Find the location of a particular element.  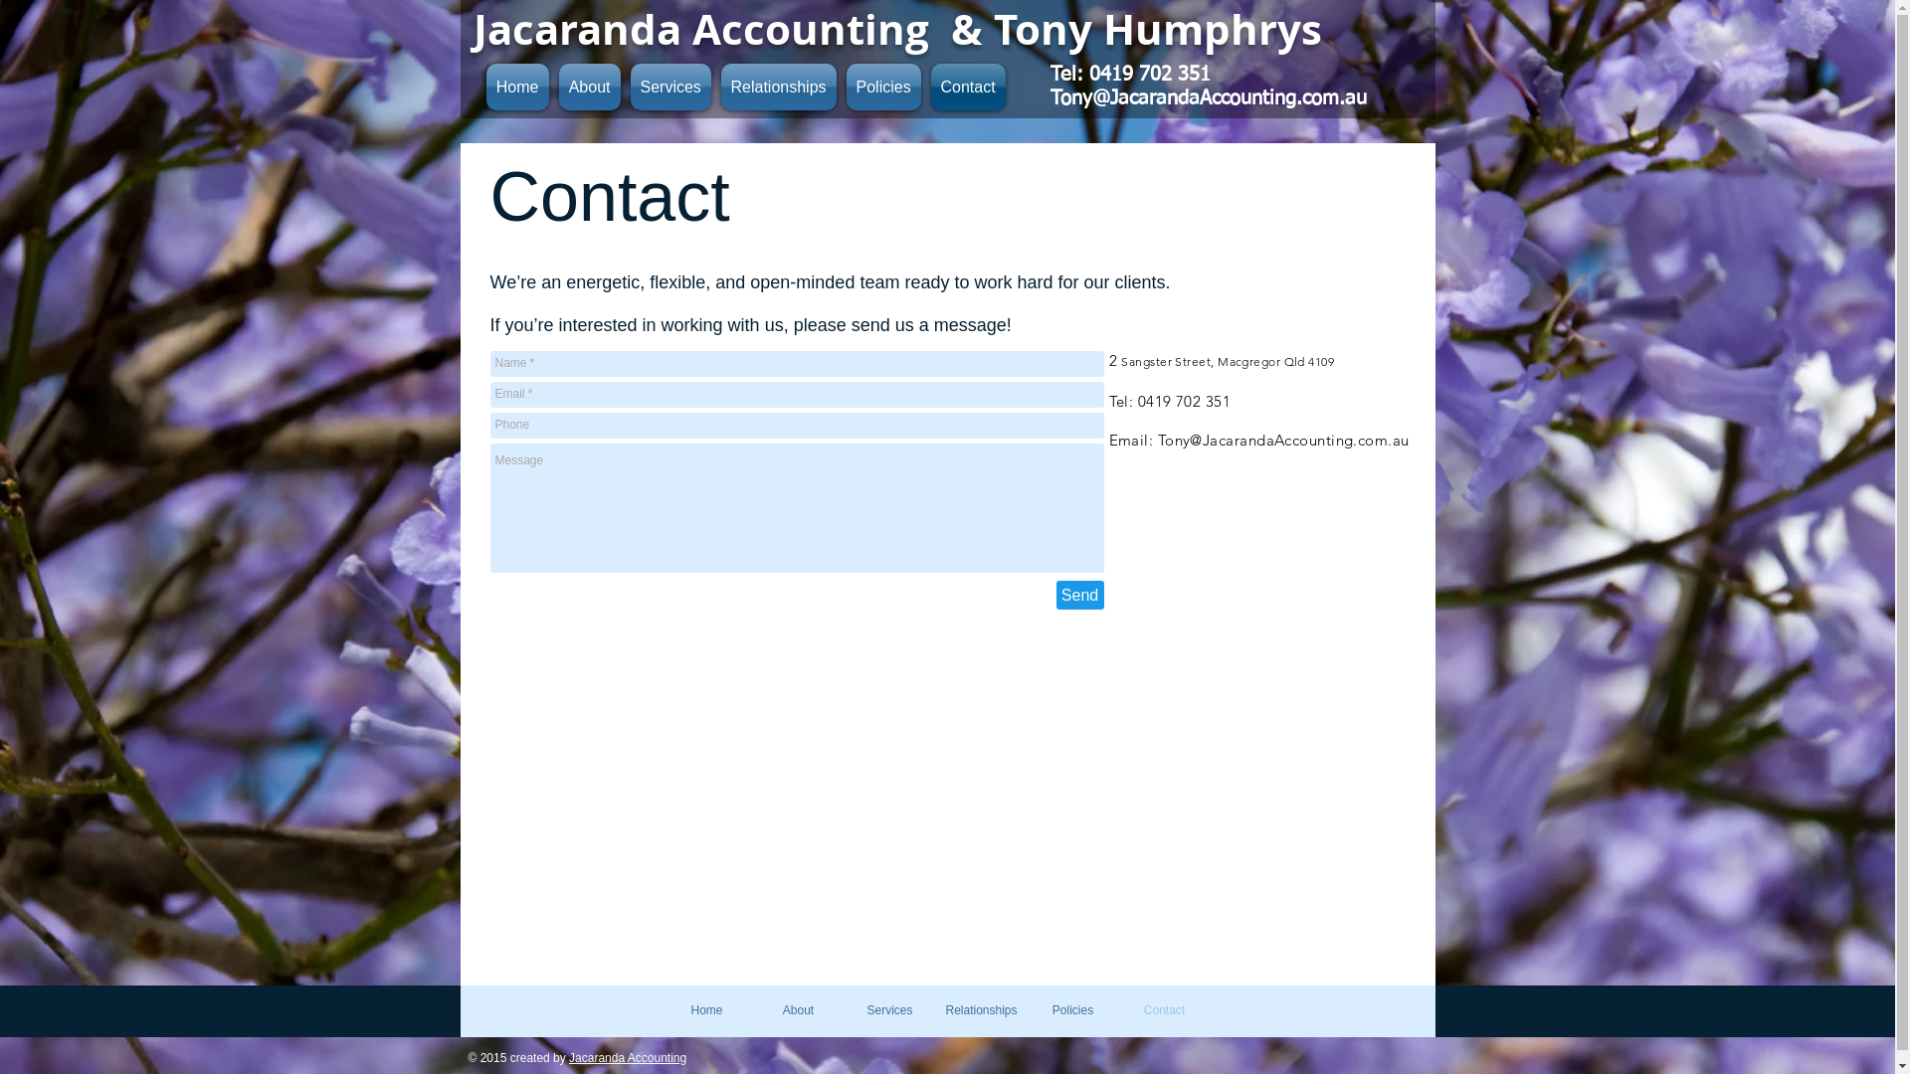

'Contact' is located at coordinates (1164, 1009).